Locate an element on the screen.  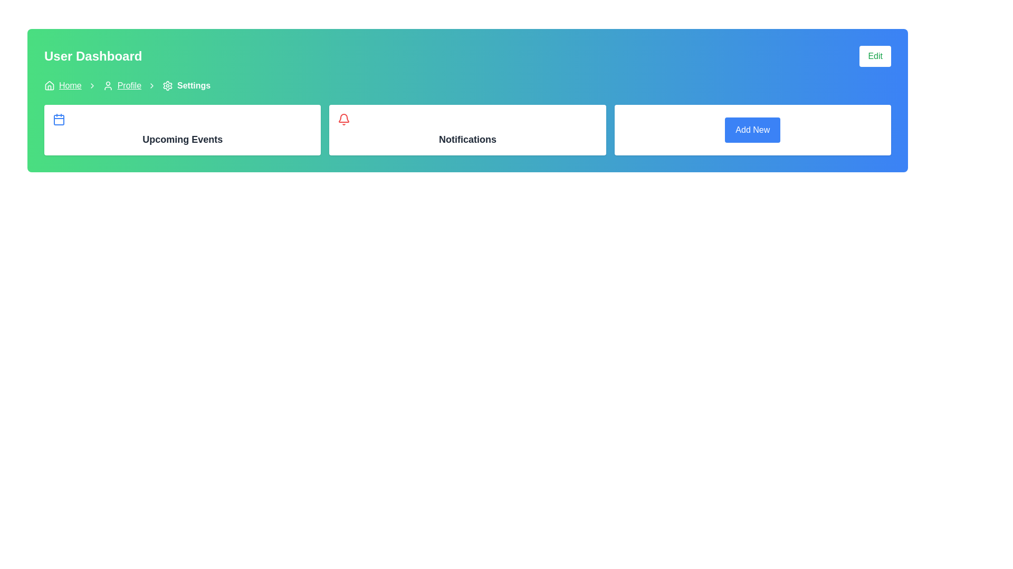
the small square-shaped house icon with a green background and white outline located in the navigation bar next to the text 'Home' is located at coordinates (49, 85).